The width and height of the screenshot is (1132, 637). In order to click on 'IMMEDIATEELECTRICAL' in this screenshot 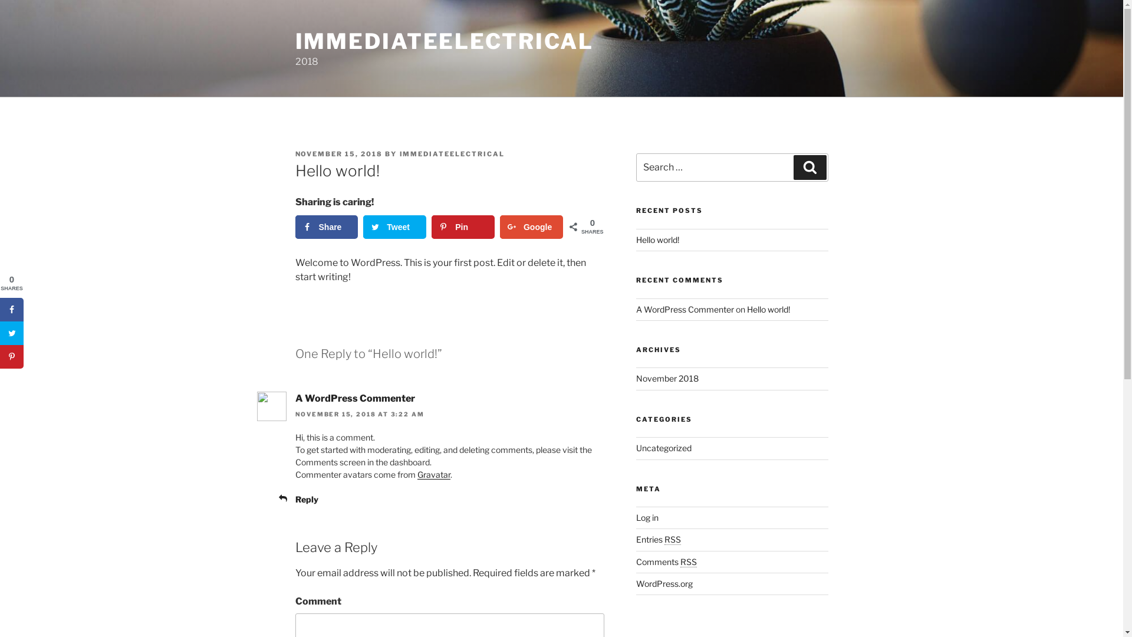, I will do `click(452, 153)`.